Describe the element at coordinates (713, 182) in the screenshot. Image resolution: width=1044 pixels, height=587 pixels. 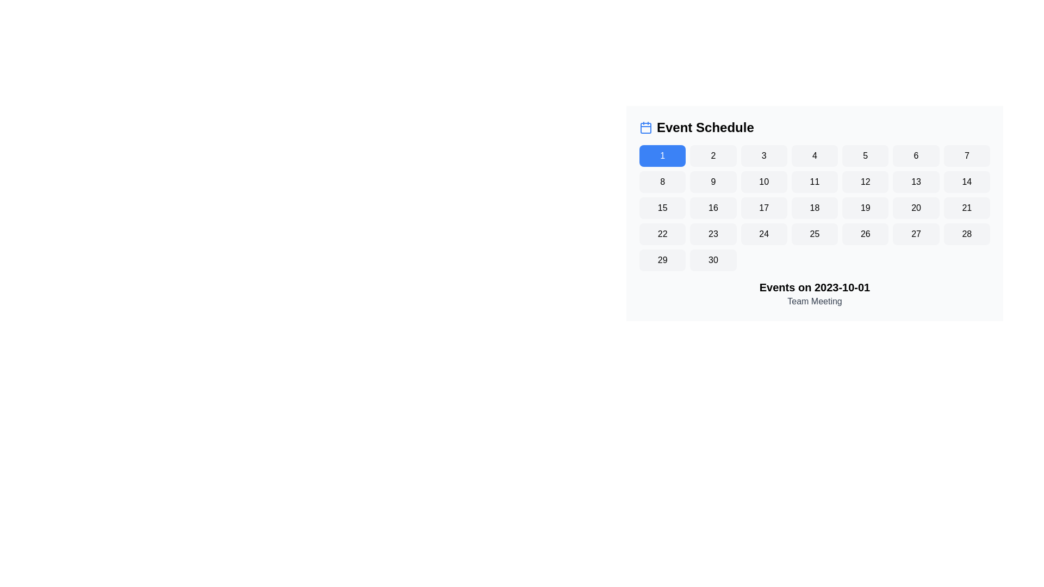
I see `the interactive calendar day cell displaying the number '9'` at that location.